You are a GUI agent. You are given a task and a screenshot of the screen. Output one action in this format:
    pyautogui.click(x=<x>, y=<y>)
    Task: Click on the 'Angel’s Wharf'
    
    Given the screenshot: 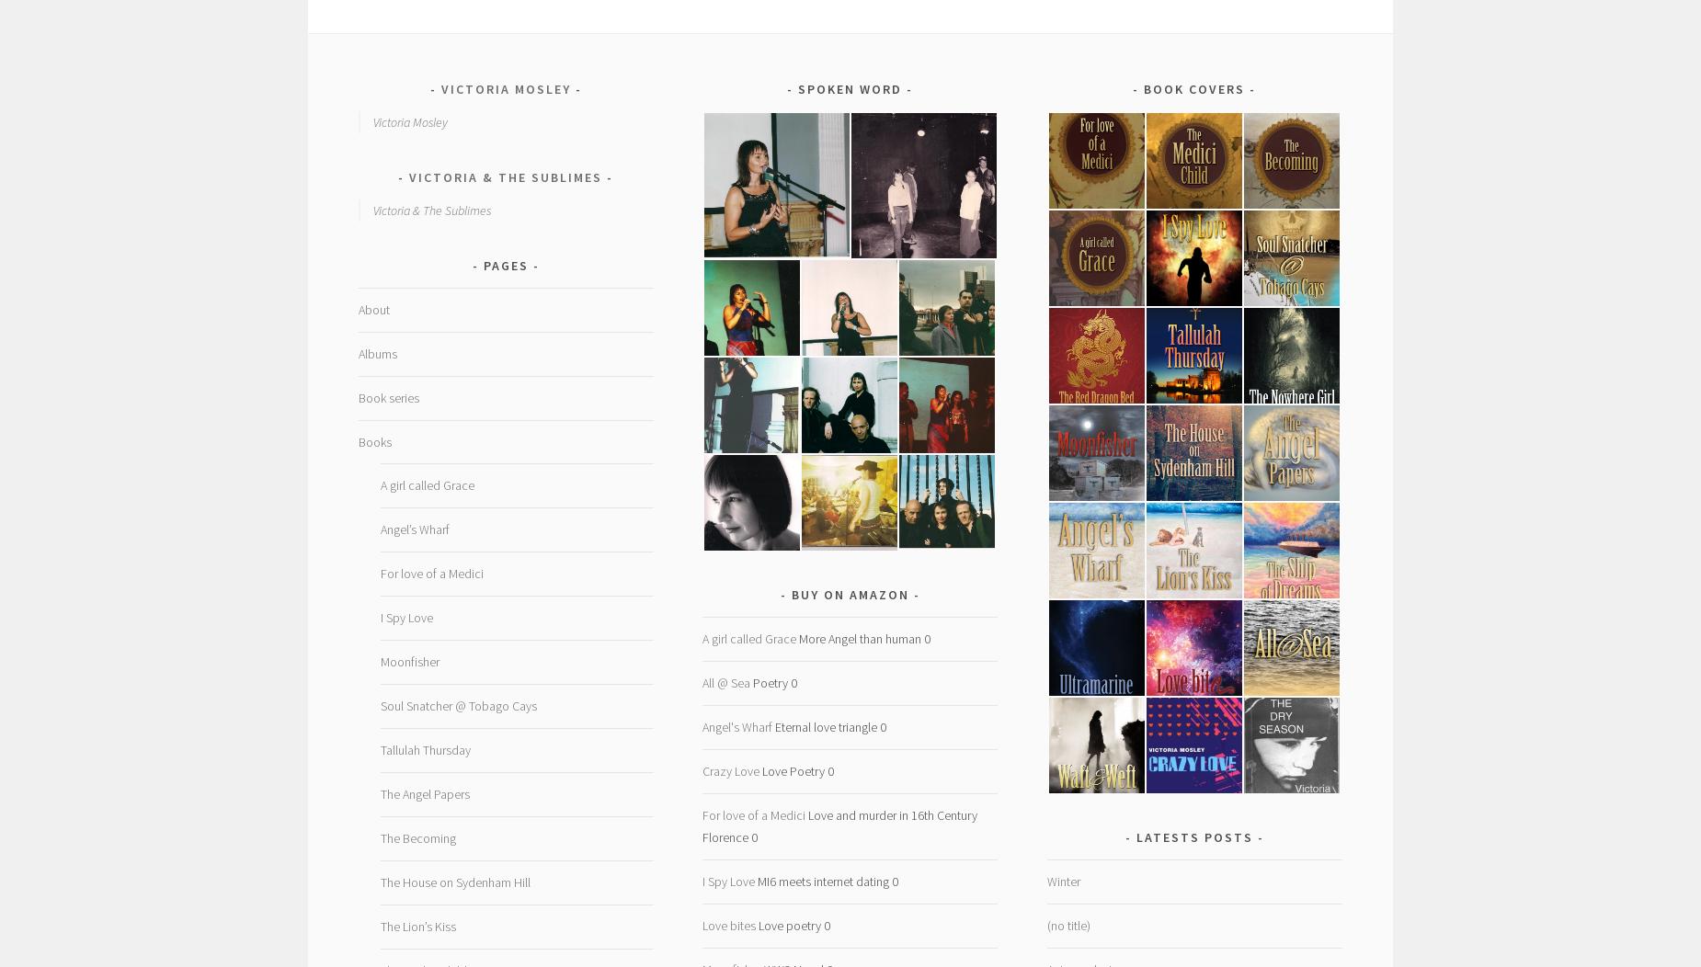 What is the action you would take?
    pyautogui.click(x=413, y=528)
    